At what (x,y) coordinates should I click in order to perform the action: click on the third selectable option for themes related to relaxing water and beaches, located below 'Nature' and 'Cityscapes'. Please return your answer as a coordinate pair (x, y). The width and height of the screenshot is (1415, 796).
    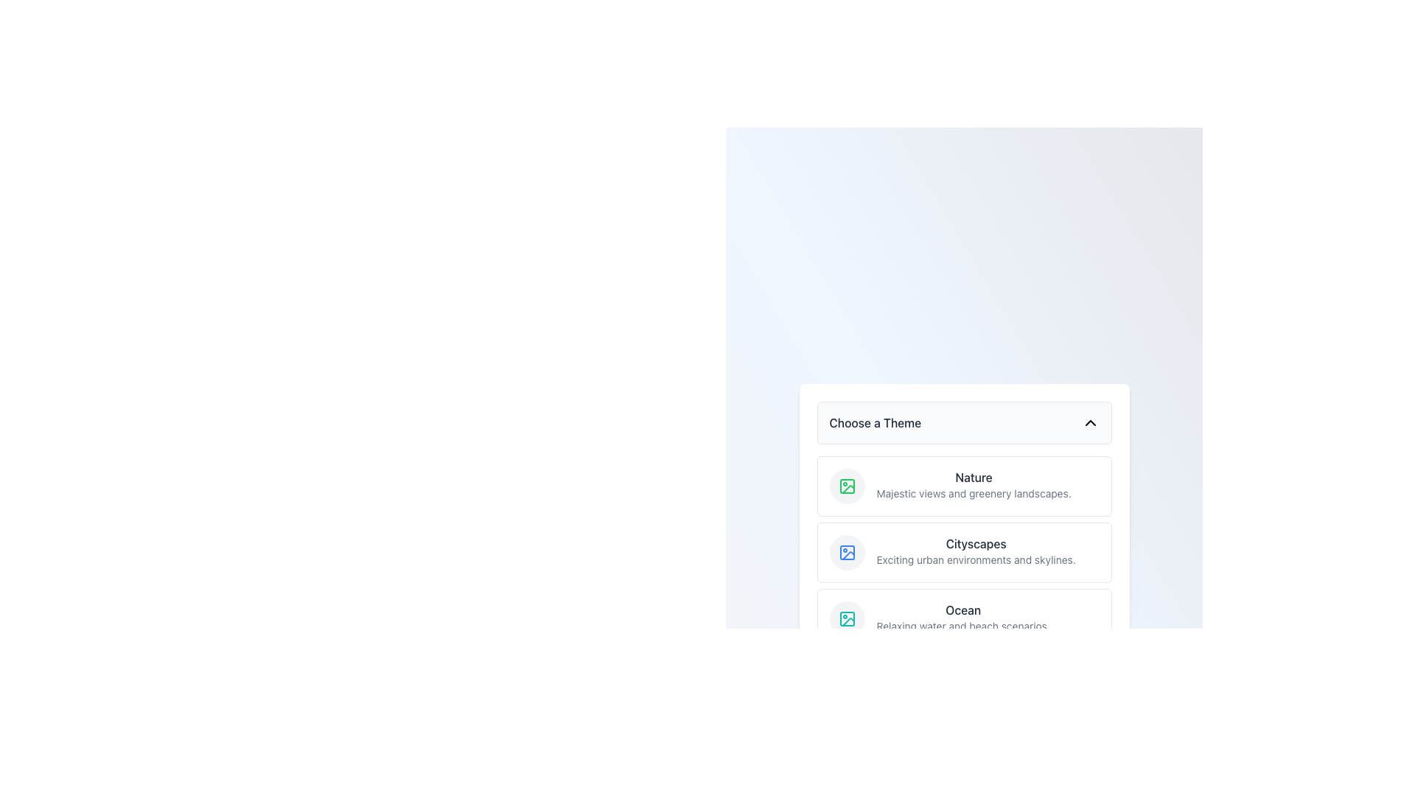
    Looking at the image, I should click on (964, 619).